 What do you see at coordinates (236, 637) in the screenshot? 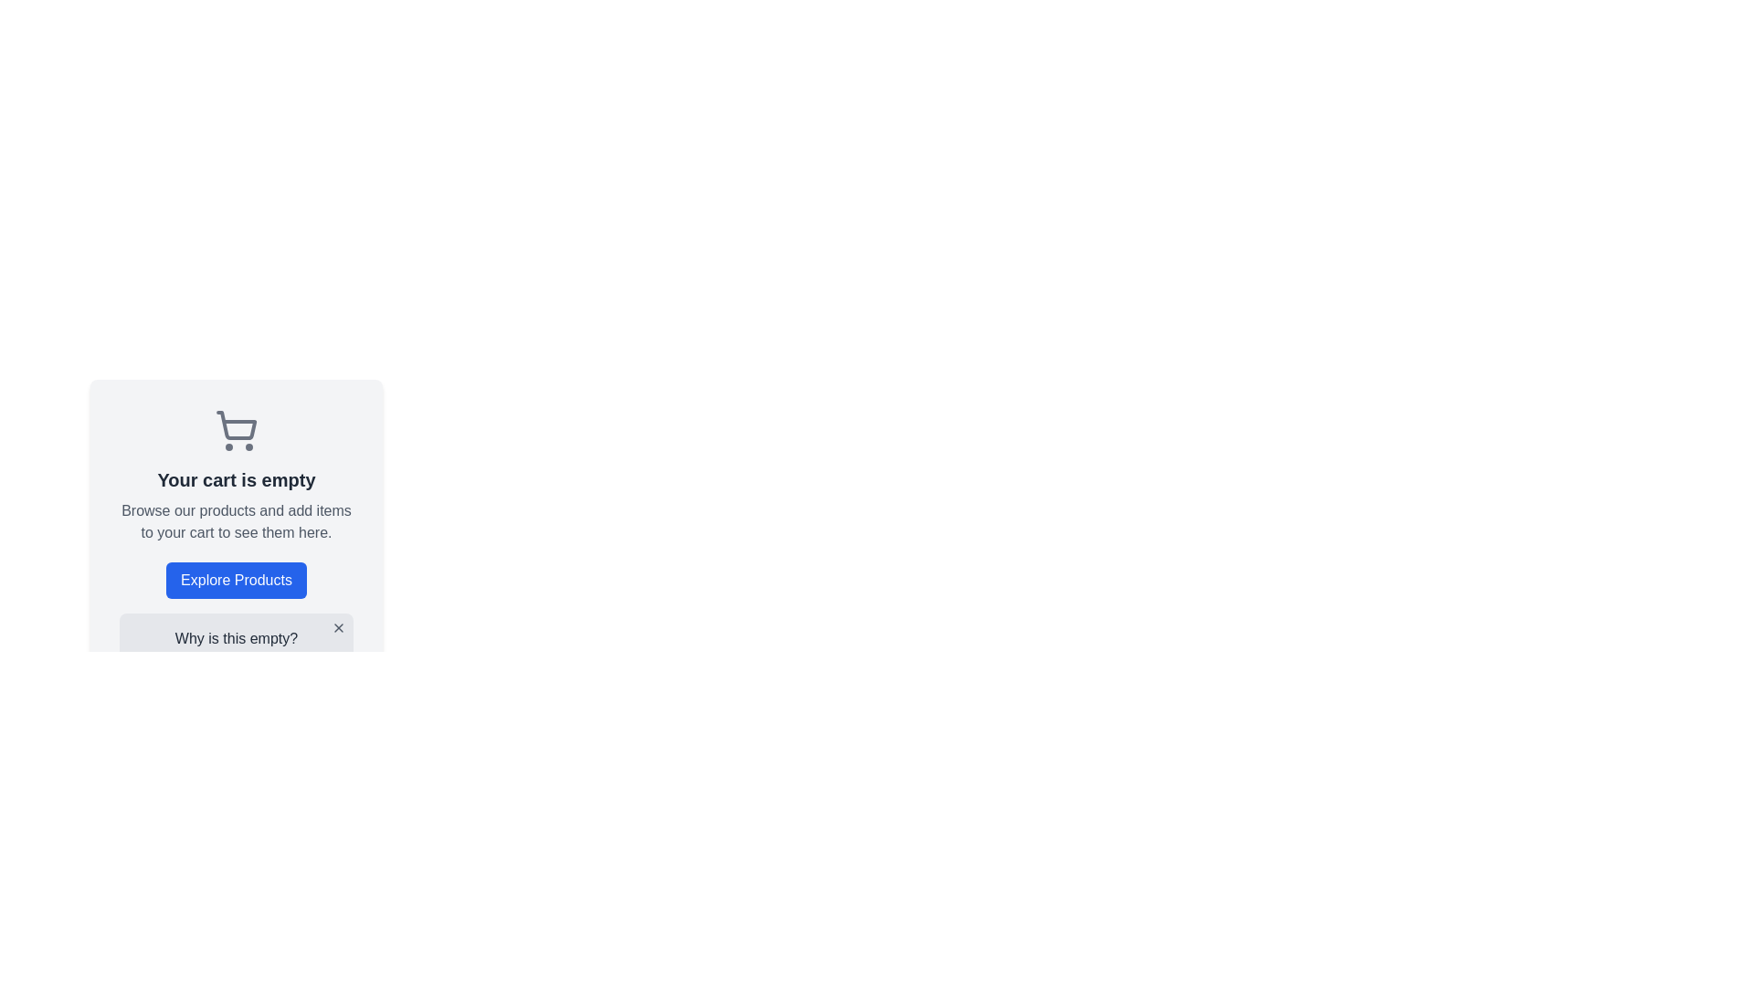
I see `the text label that says 'Why is this empty?' which is centrally aligned within a card-like component` at bounding box center [236, 637].